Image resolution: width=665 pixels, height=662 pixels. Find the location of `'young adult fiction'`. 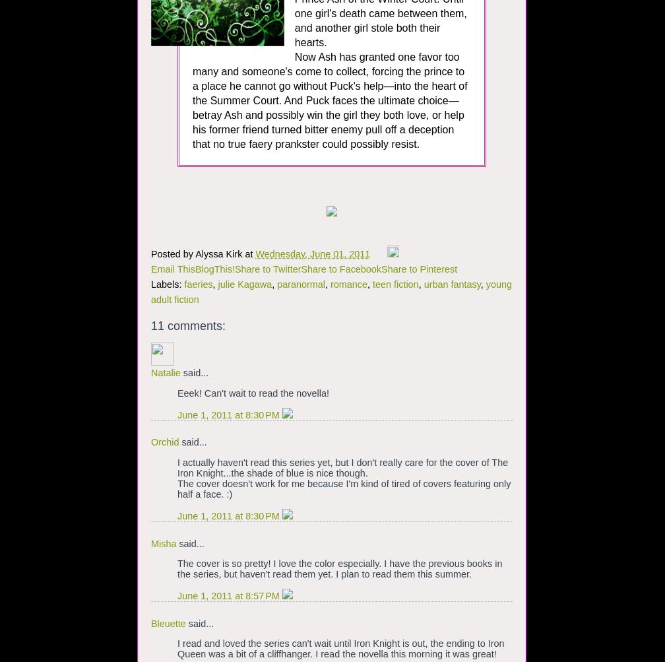

'young adult fiction' is located at coordinates (151, 291).